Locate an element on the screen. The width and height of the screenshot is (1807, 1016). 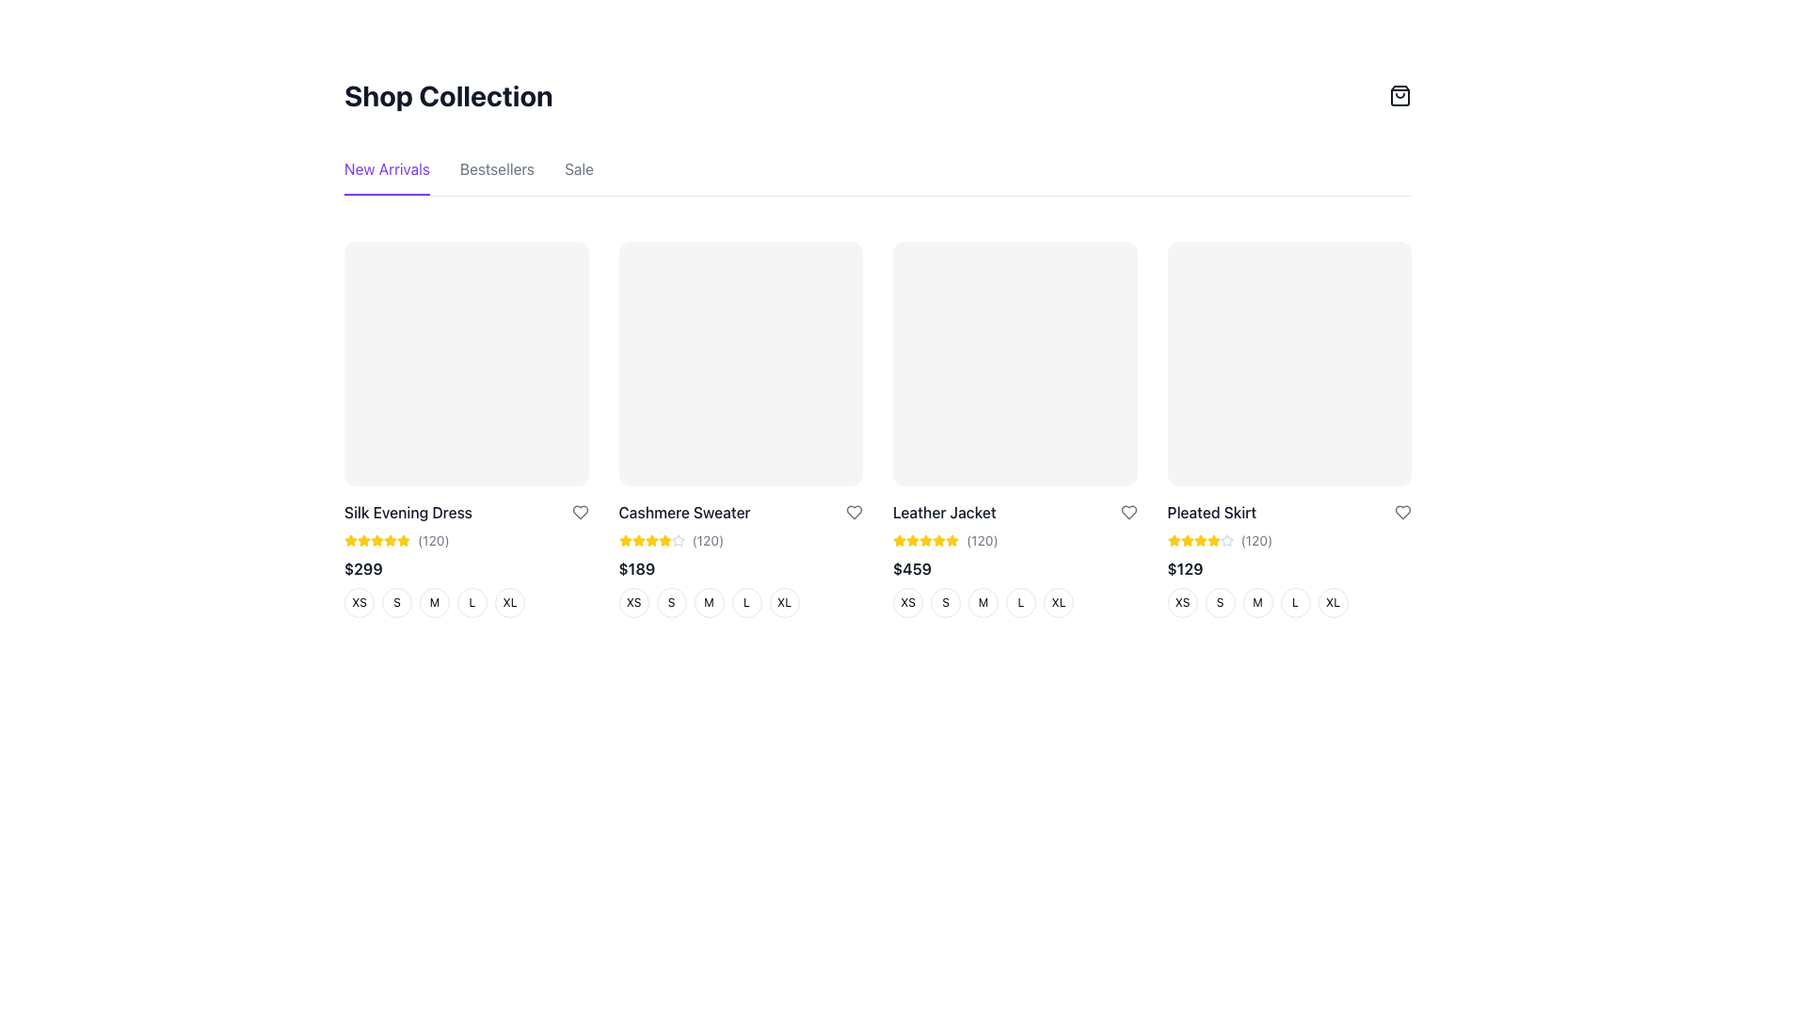
the fifth yellow star icon used for rating purposes, located below the 'Leather Jacket' card in the 'New Arrivals' section is located at coordinates (925, 540).